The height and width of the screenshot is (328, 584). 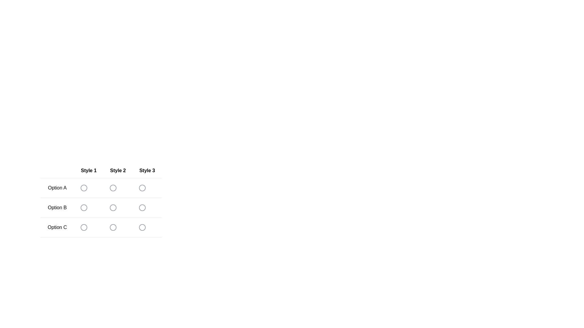 I want to click on the interactive radio button for the 'Style 3' option under the 'Option B' row, so click(x=142, y=207).